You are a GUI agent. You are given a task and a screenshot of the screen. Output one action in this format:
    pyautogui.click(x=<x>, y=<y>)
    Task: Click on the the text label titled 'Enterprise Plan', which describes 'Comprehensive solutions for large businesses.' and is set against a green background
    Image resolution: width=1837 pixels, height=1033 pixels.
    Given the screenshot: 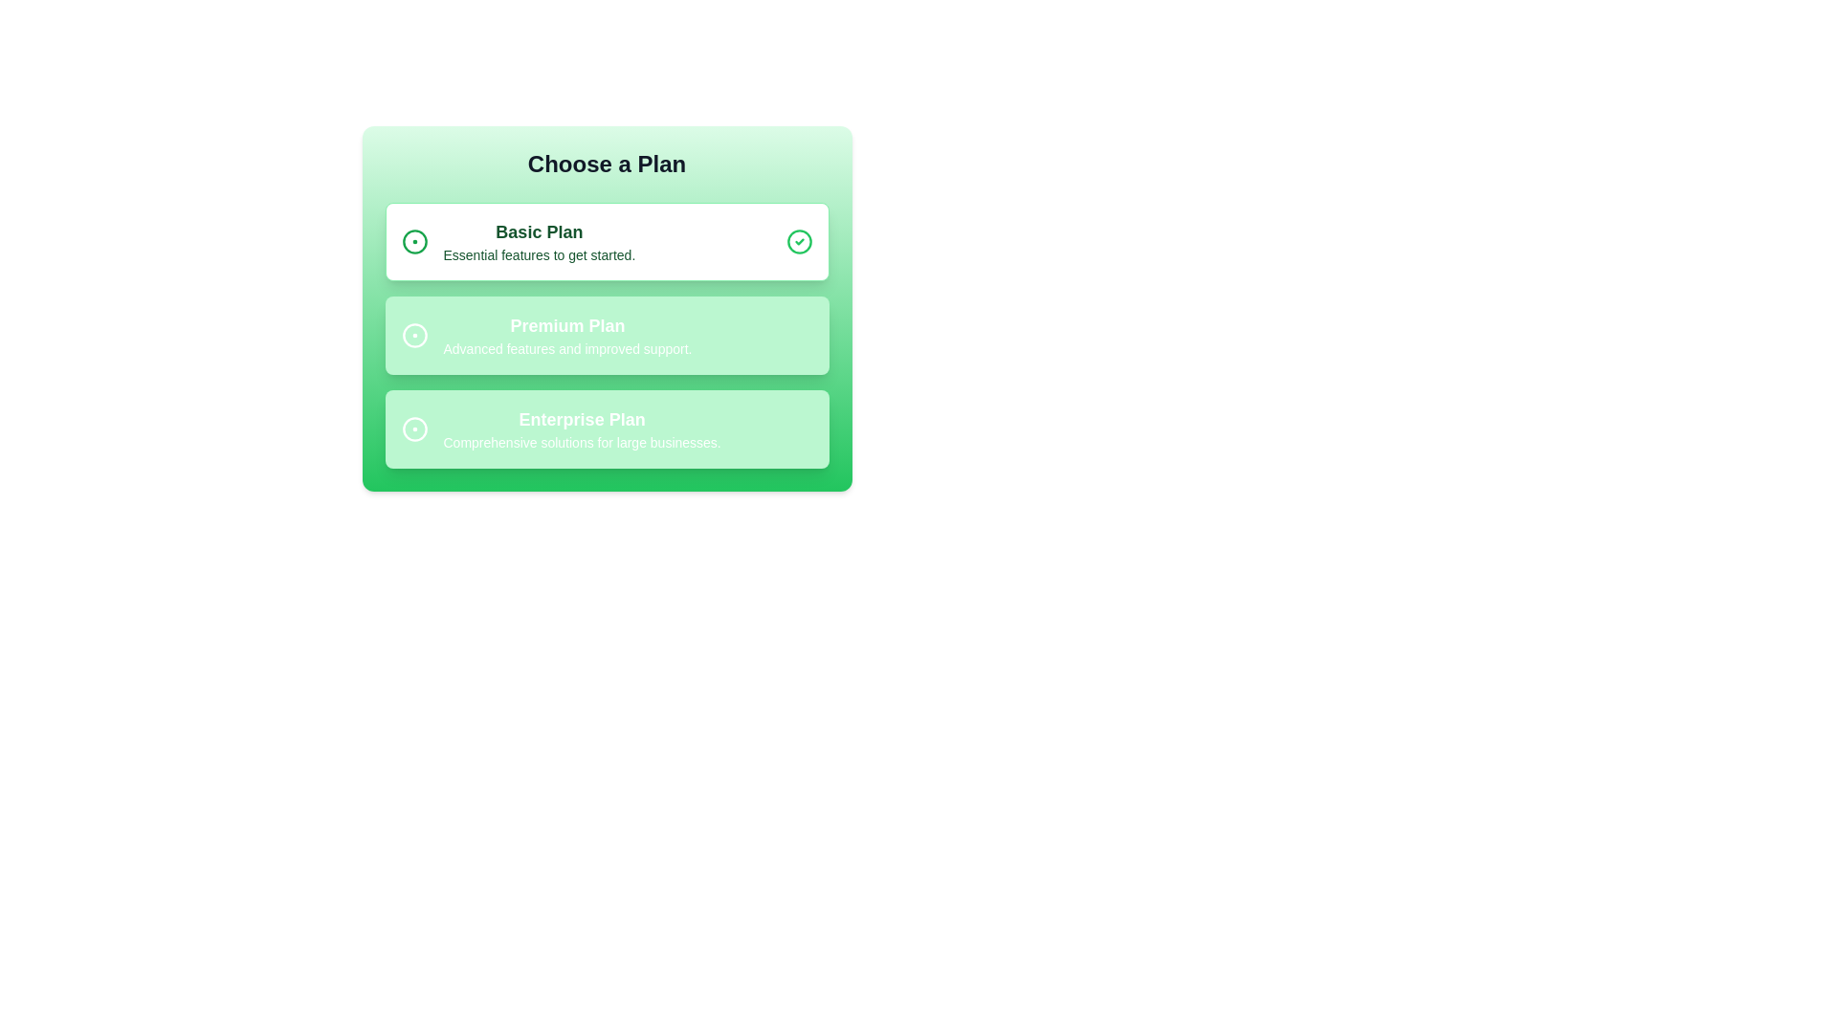 What is the action you would take?
    pyautogui.click(x=581, y=428)
    